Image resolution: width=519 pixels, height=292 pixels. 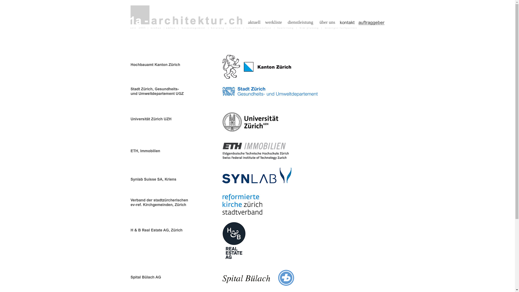 I want to click on 'aktuell', so click(x=254, y=22).